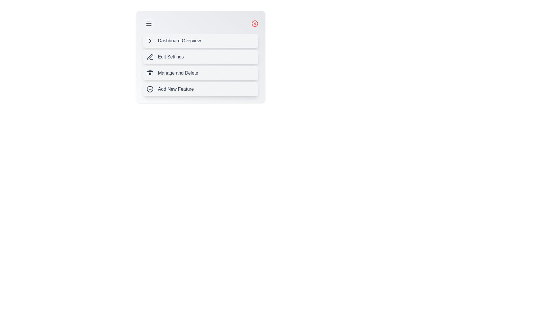 The image size is (553, 311). What do you see at coordinates (149, 23) in the screenshot?
I see `menu toggle button to toggle the menu open and close state` at bounding box center [149, 23].